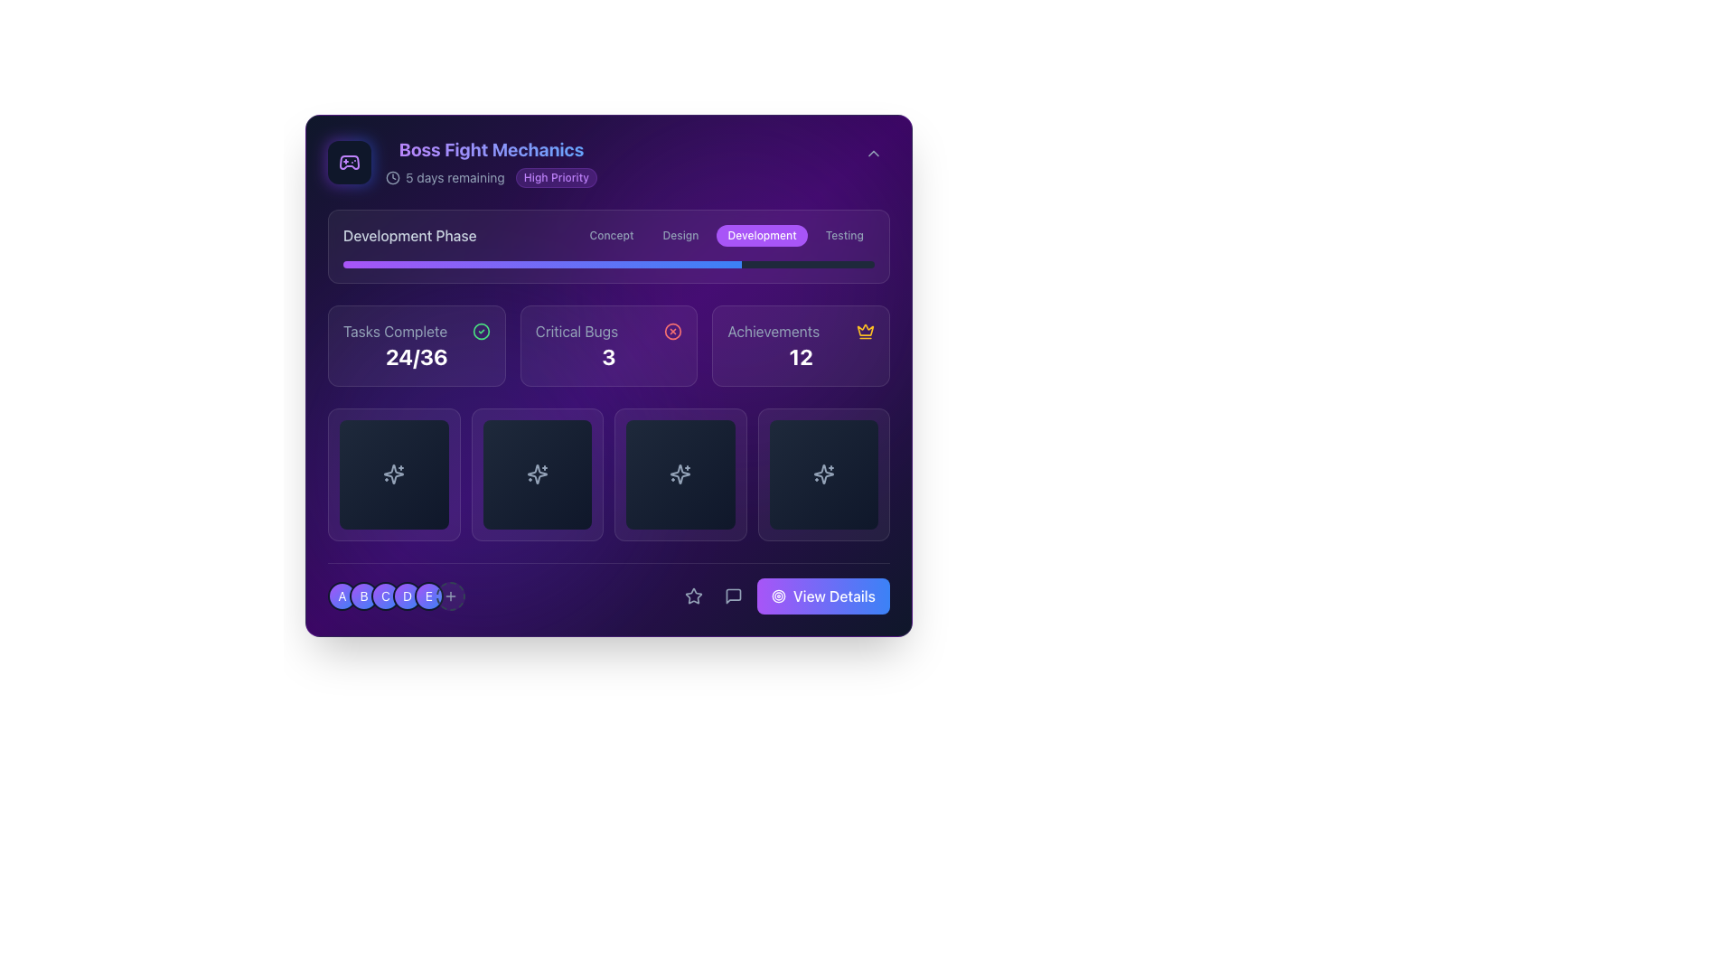  I want to click on the third card in a row of four cards located in the lower section of the interface, so click(680, 474).